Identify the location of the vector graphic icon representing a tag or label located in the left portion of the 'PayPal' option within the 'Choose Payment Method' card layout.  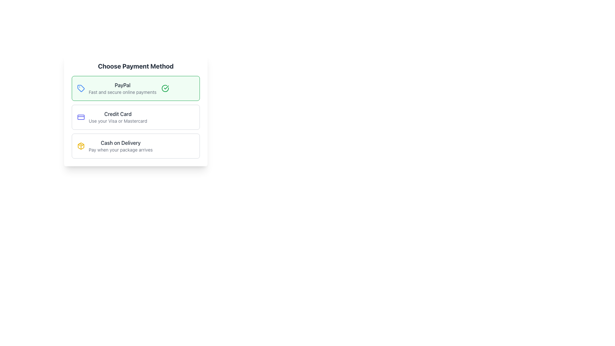
(81, 88).